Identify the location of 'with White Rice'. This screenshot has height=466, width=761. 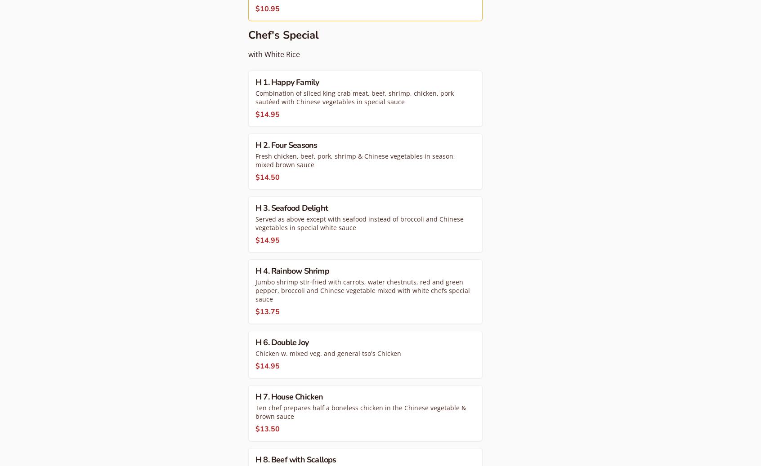
(273, 53).